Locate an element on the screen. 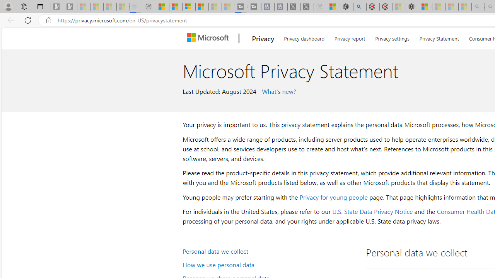  'Newsletter Sign Up - Sleeping' is located at coordinates (70, 7).